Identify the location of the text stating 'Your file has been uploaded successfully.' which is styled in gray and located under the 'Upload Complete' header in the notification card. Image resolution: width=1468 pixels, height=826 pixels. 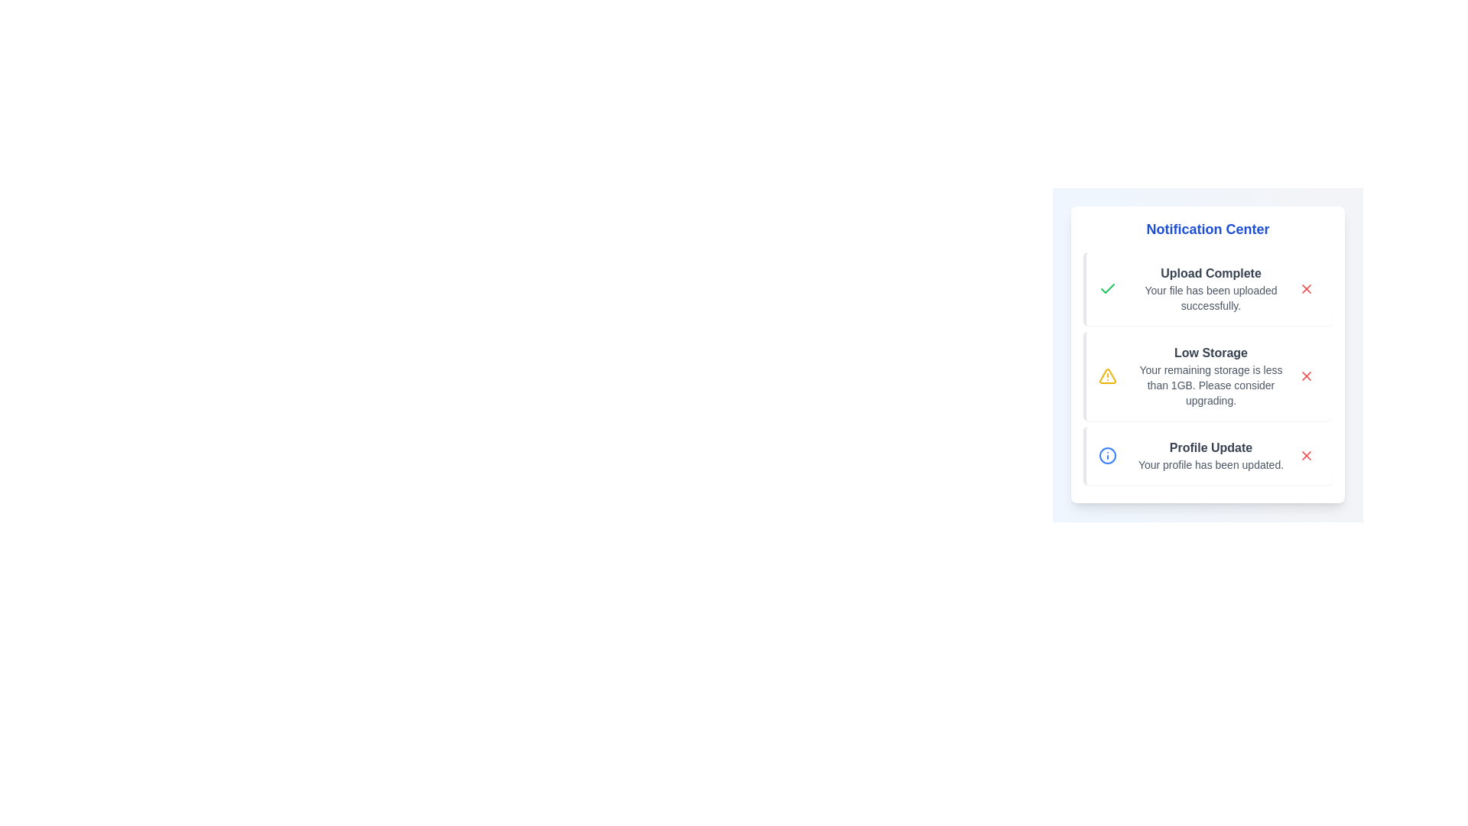
(1210, 298).